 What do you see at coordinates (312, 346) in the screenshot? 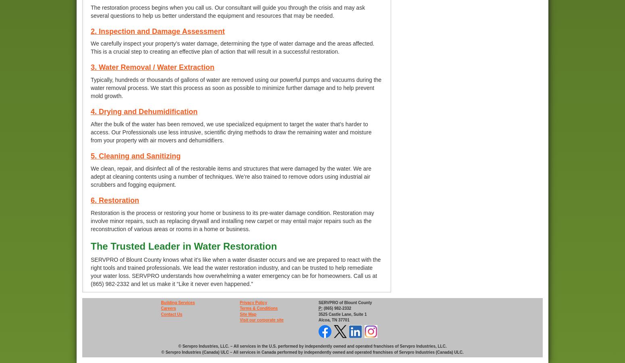
I see `'© Servpro Industries, LLC. – All services in the U.S. performed by independently owned and operated franchises of Servpro Industries, LLC.'` at bounding box center [312, 346].